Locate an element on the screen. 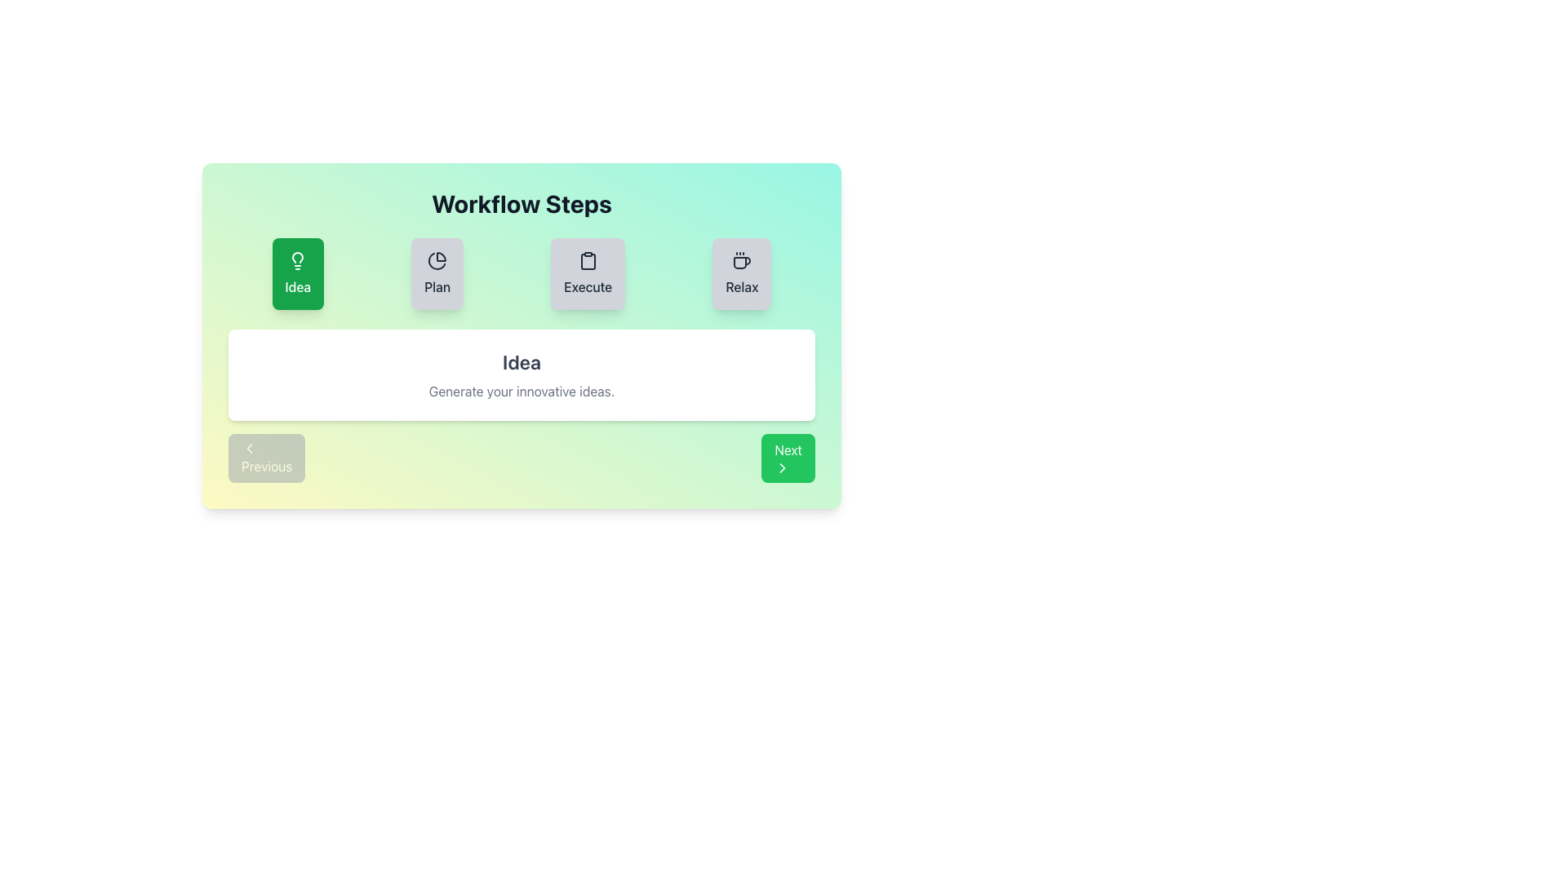 This screenshot has height=881, width=1567. the lightbulb icon centered within the green 'Idea' button, which is the first button on the left in a row of similar buttons is located at coordinates (298, 260).